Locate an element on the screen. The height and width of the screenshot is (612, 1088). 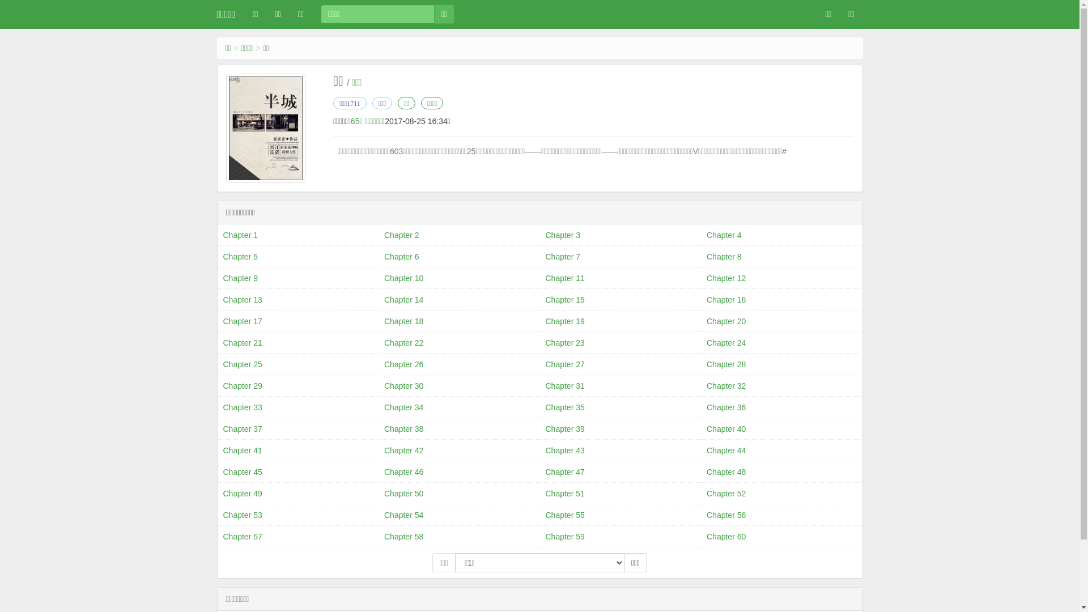
'Chapter 44' is located at coordinates (706, 449).